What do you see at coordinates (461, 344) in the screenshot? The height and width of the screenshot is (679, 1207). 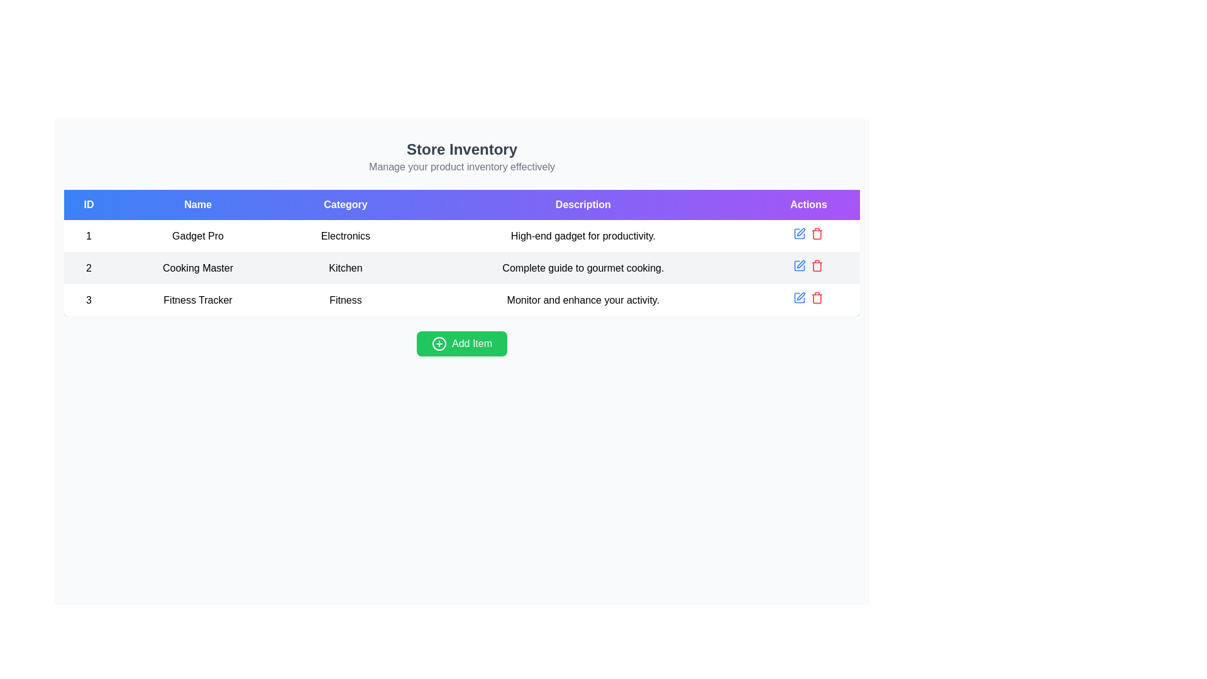 I see `the large green button labeled 'Add Item' that features a white circular plus icon` at bounding box center [461, 344].